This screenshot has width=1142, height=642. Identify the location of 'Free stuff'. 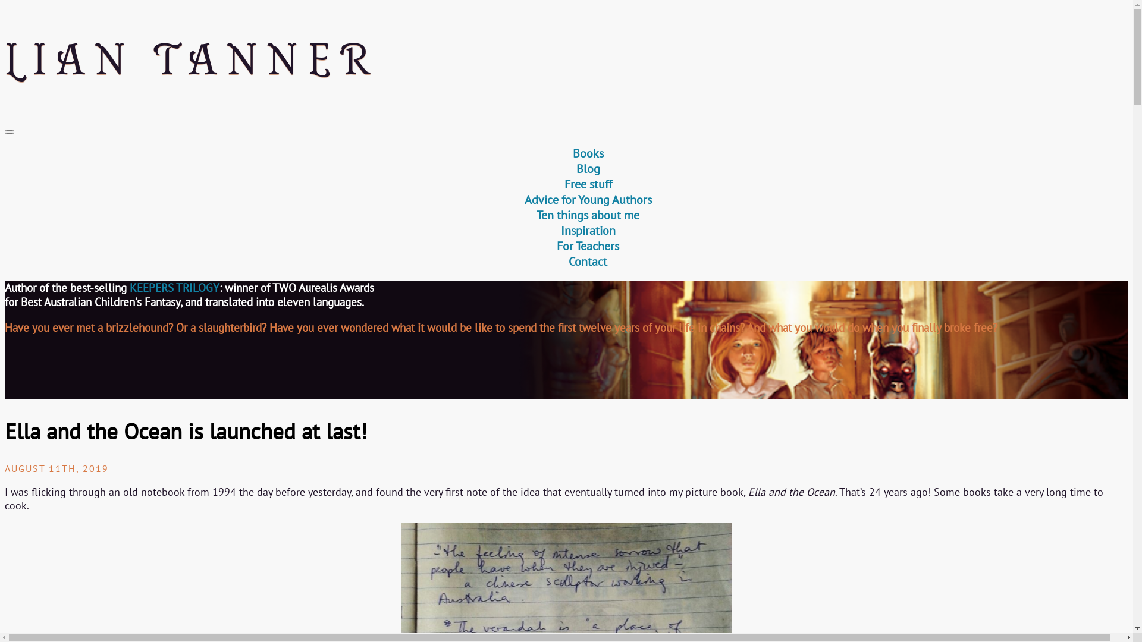
(563, 184).